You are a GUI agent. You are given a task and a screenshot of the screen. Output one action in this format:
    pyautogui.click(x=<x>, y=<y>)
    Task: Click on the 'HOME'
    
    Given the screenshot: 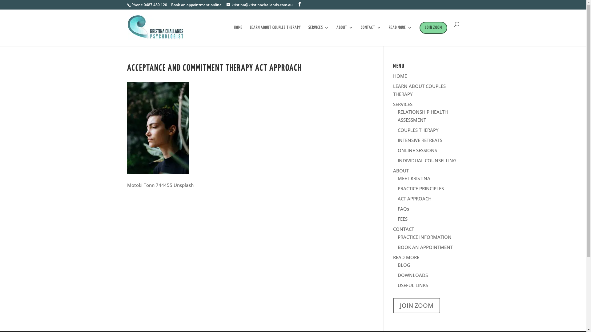 What is the action you would take?
    pyautogui.click(x=238, y=33)
    